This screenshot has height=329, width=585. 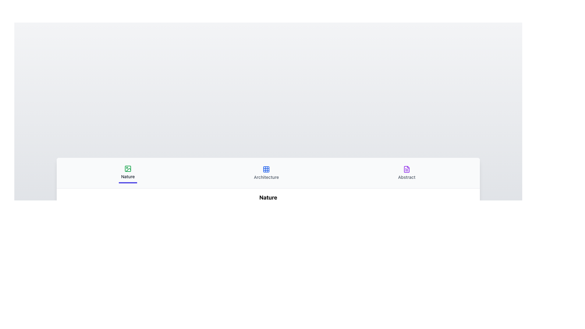 I want to click on the 'Architecture' category tab icon, so click(x=266, y=169).